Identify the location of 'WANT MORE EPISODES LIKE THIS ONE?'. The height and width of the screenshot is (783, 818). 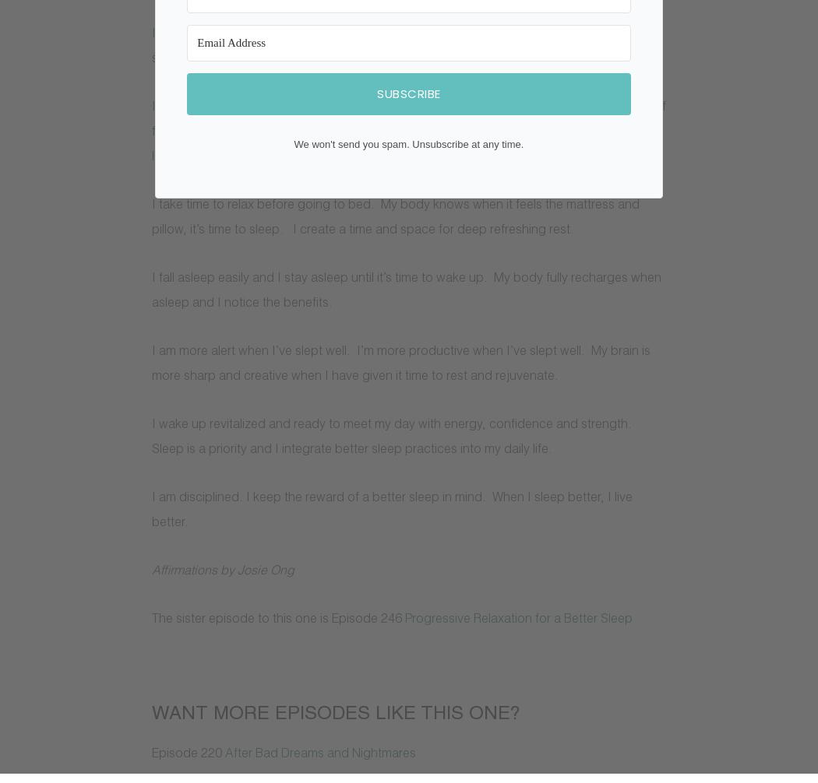
(335, 713).